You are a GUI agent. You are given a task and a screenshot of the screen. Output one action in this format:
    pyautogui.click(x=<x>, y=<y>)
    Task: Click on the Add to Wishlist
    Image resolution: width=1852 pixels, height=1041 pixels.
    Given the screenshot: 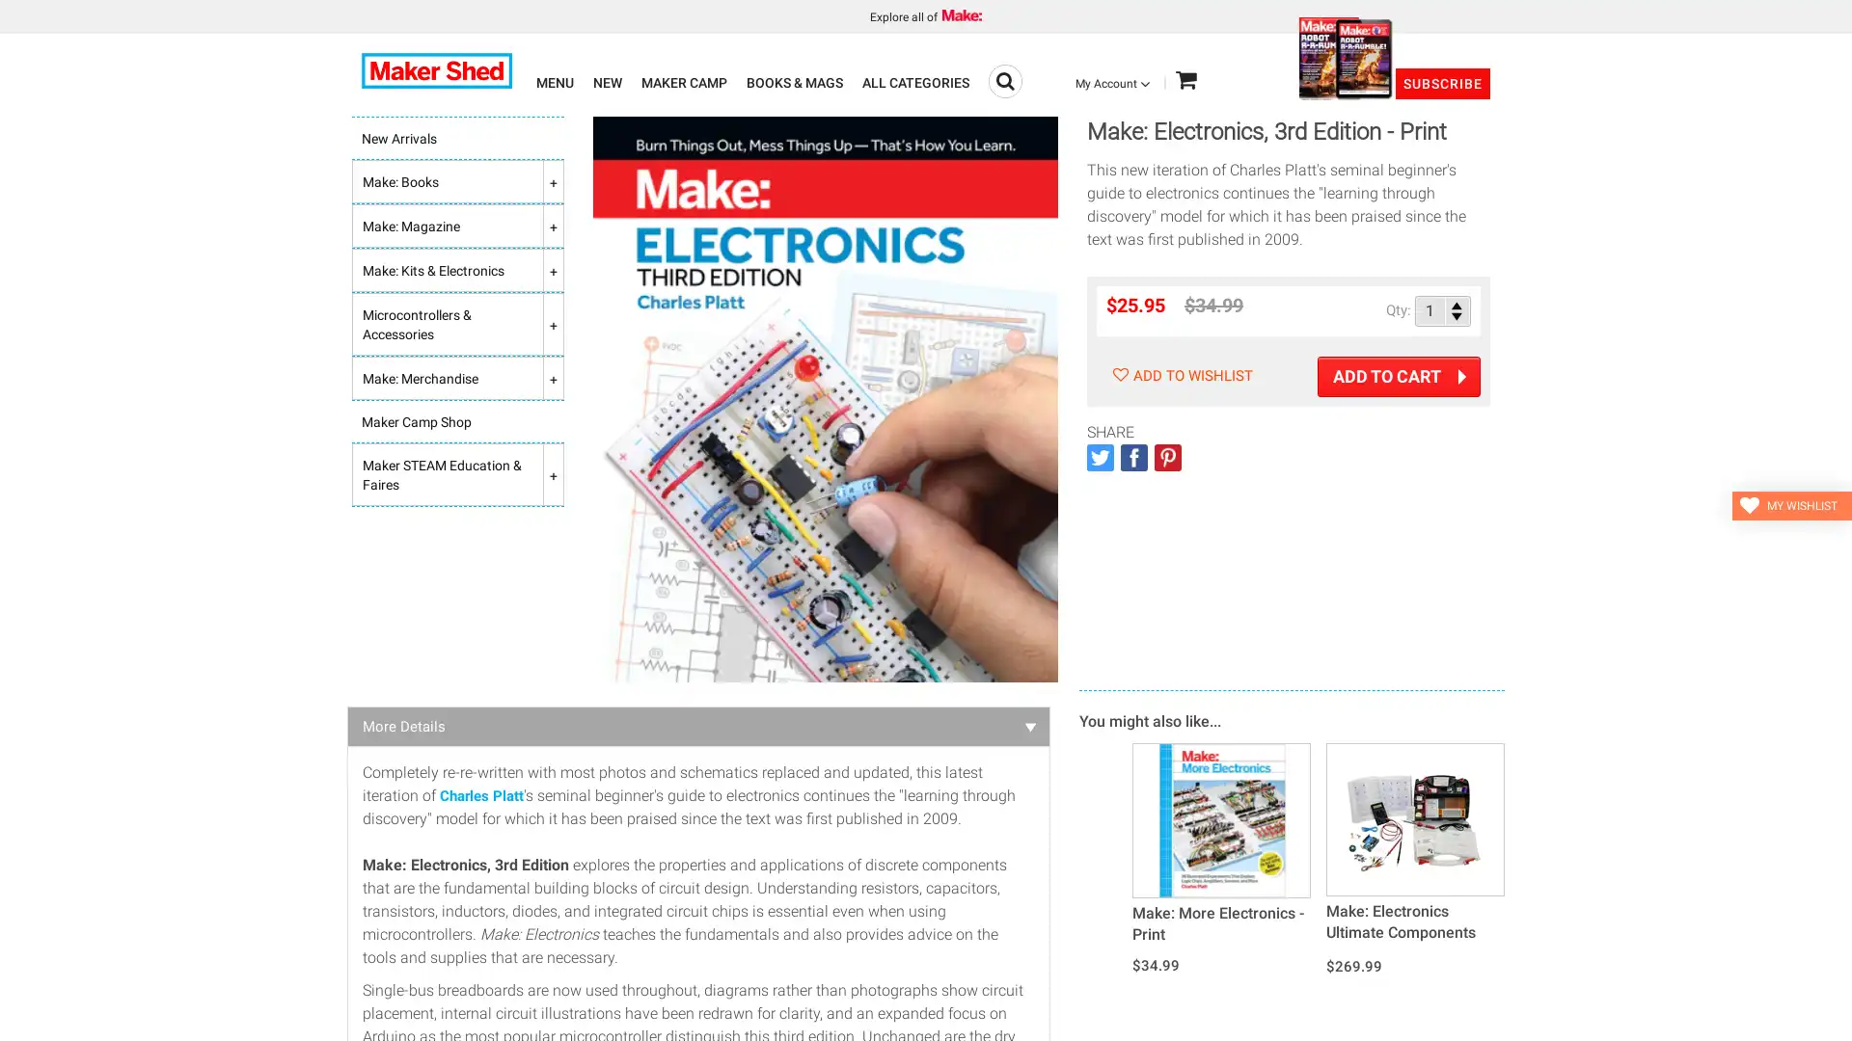 What is the action you would take?
    pyautogui.click(x=1179, y=375)
    